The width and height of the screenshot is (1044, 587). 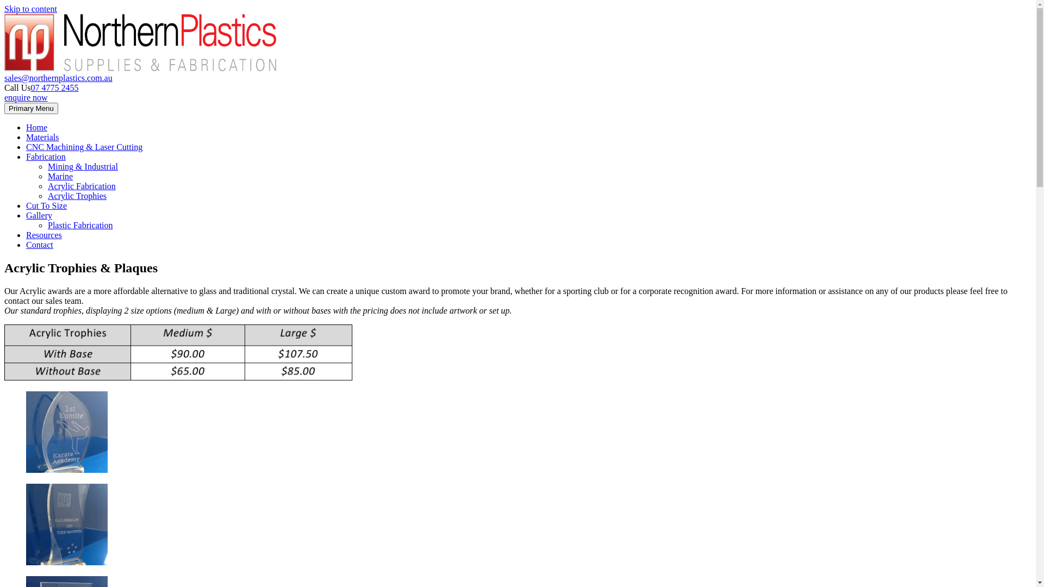 I want to click on 'Plastic Fabrication', so click(x=80, y=224).